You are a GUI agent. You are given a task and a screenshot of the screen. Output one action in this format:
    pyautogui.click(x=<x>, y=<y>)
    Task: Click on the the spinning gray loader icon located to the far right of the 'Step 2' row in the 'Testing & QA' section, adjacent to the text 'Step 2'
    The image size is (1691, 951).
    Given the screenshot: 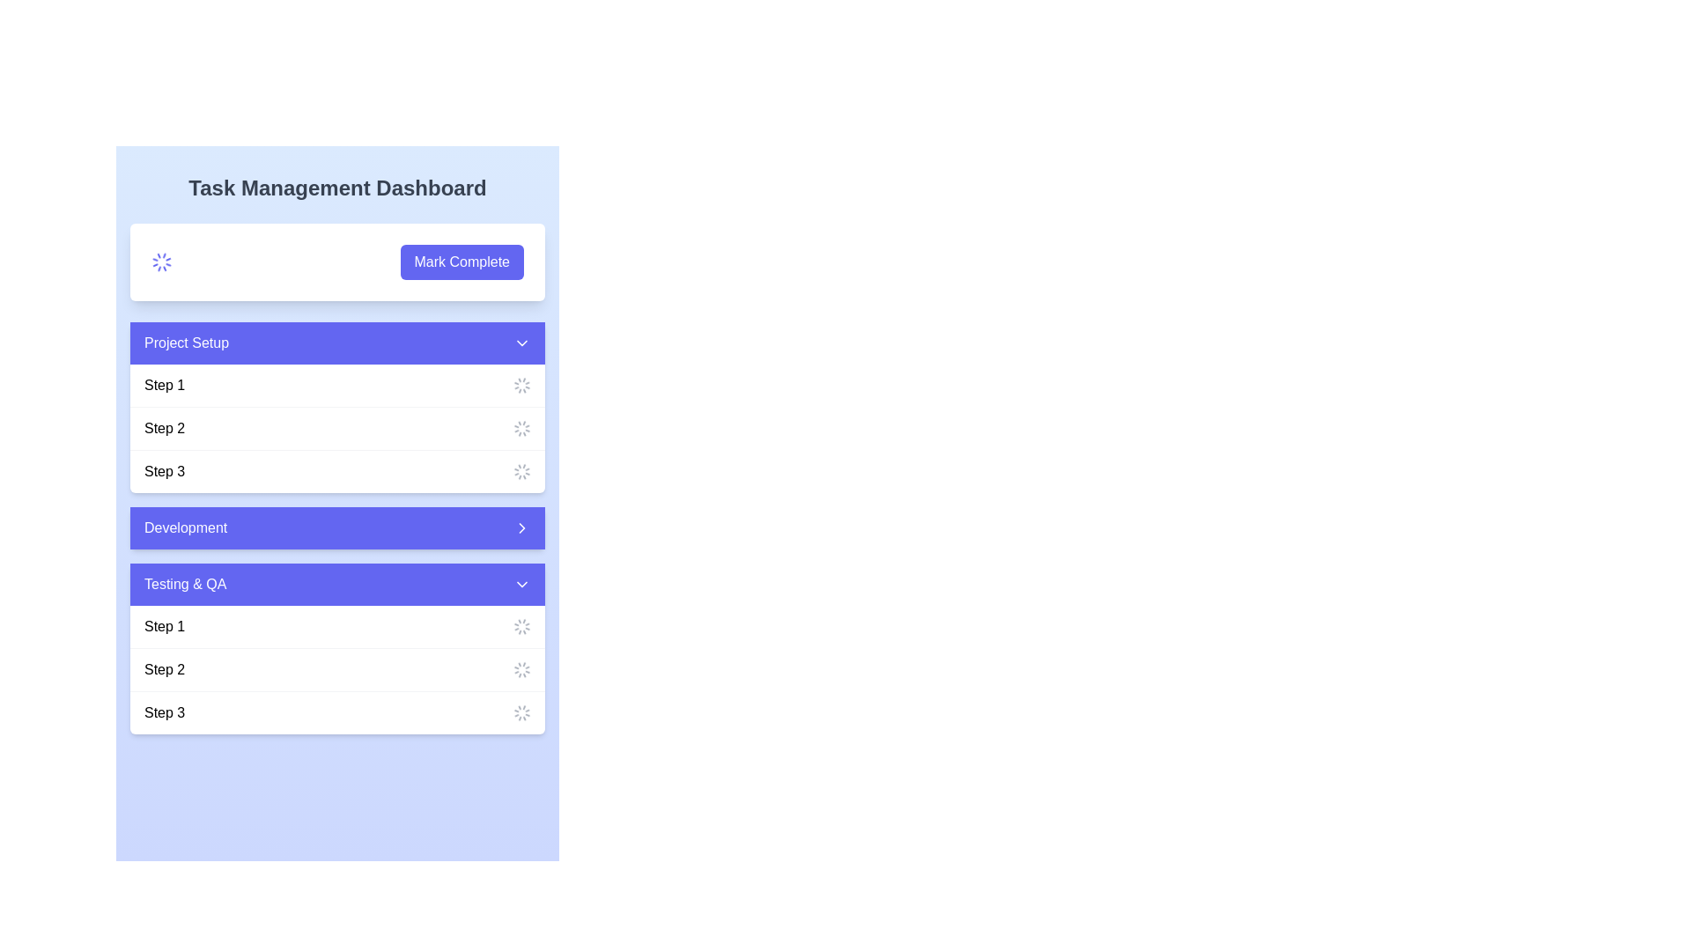 What is the action you would take?
    pyautogui.click(x=521, y=669)
    